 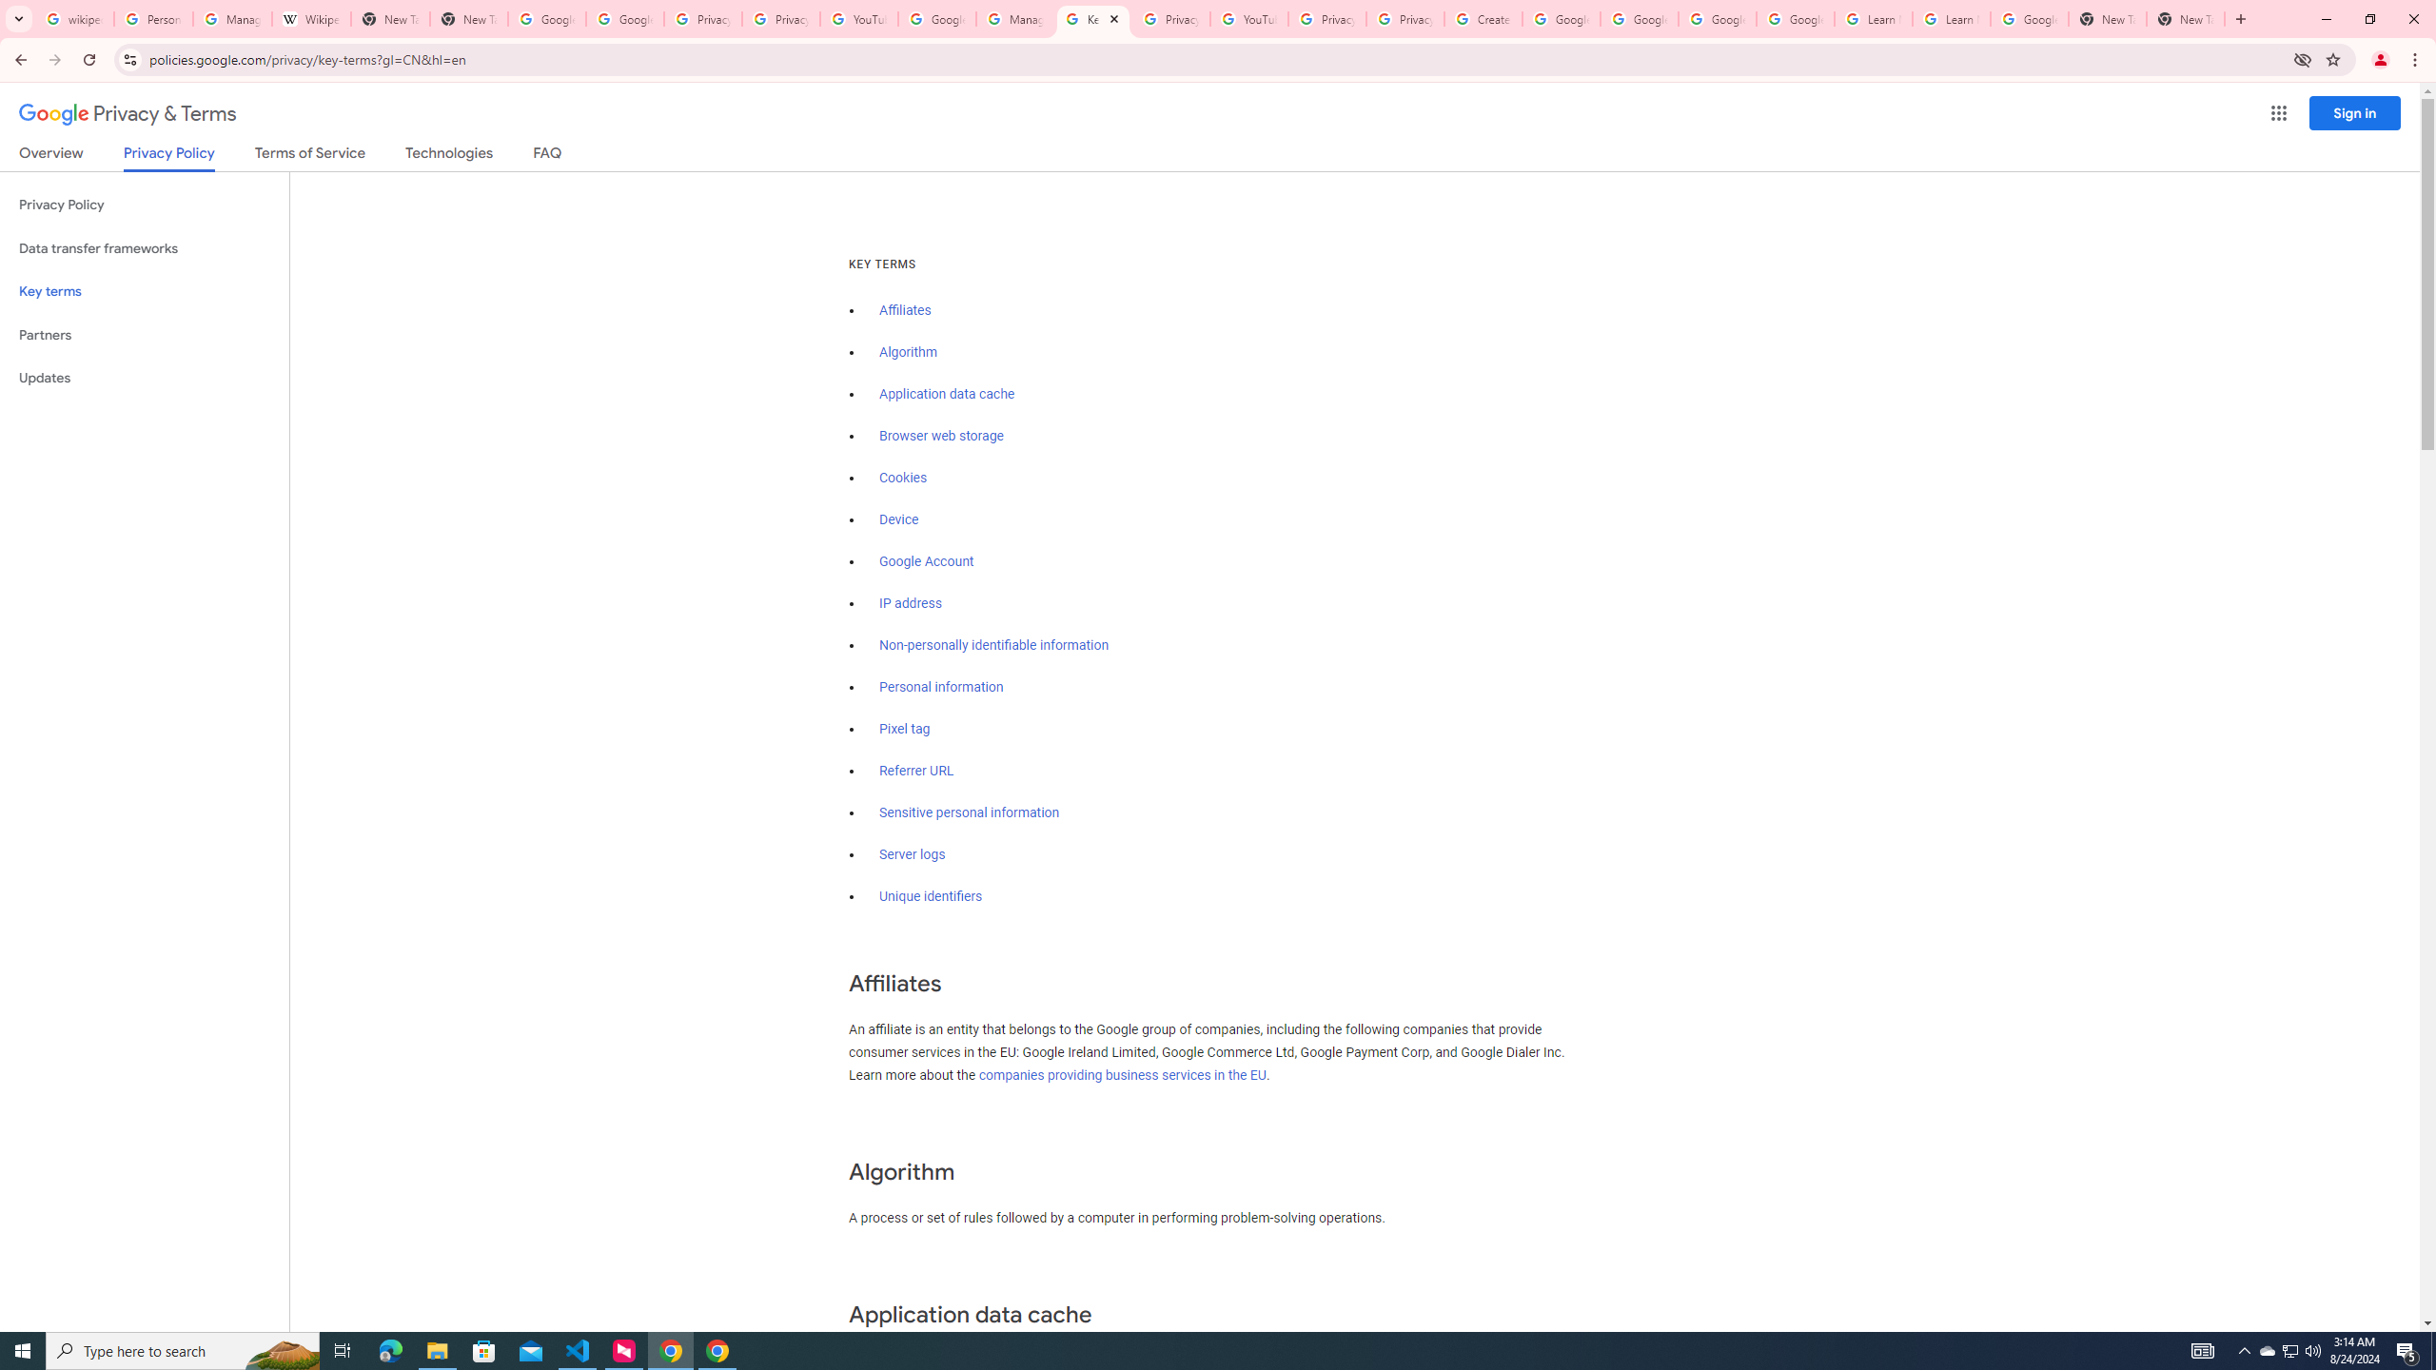 What do you see at coordinates (49, 156) in the screenshot?
I see `'Overview'` at bounding box center [49, 156].